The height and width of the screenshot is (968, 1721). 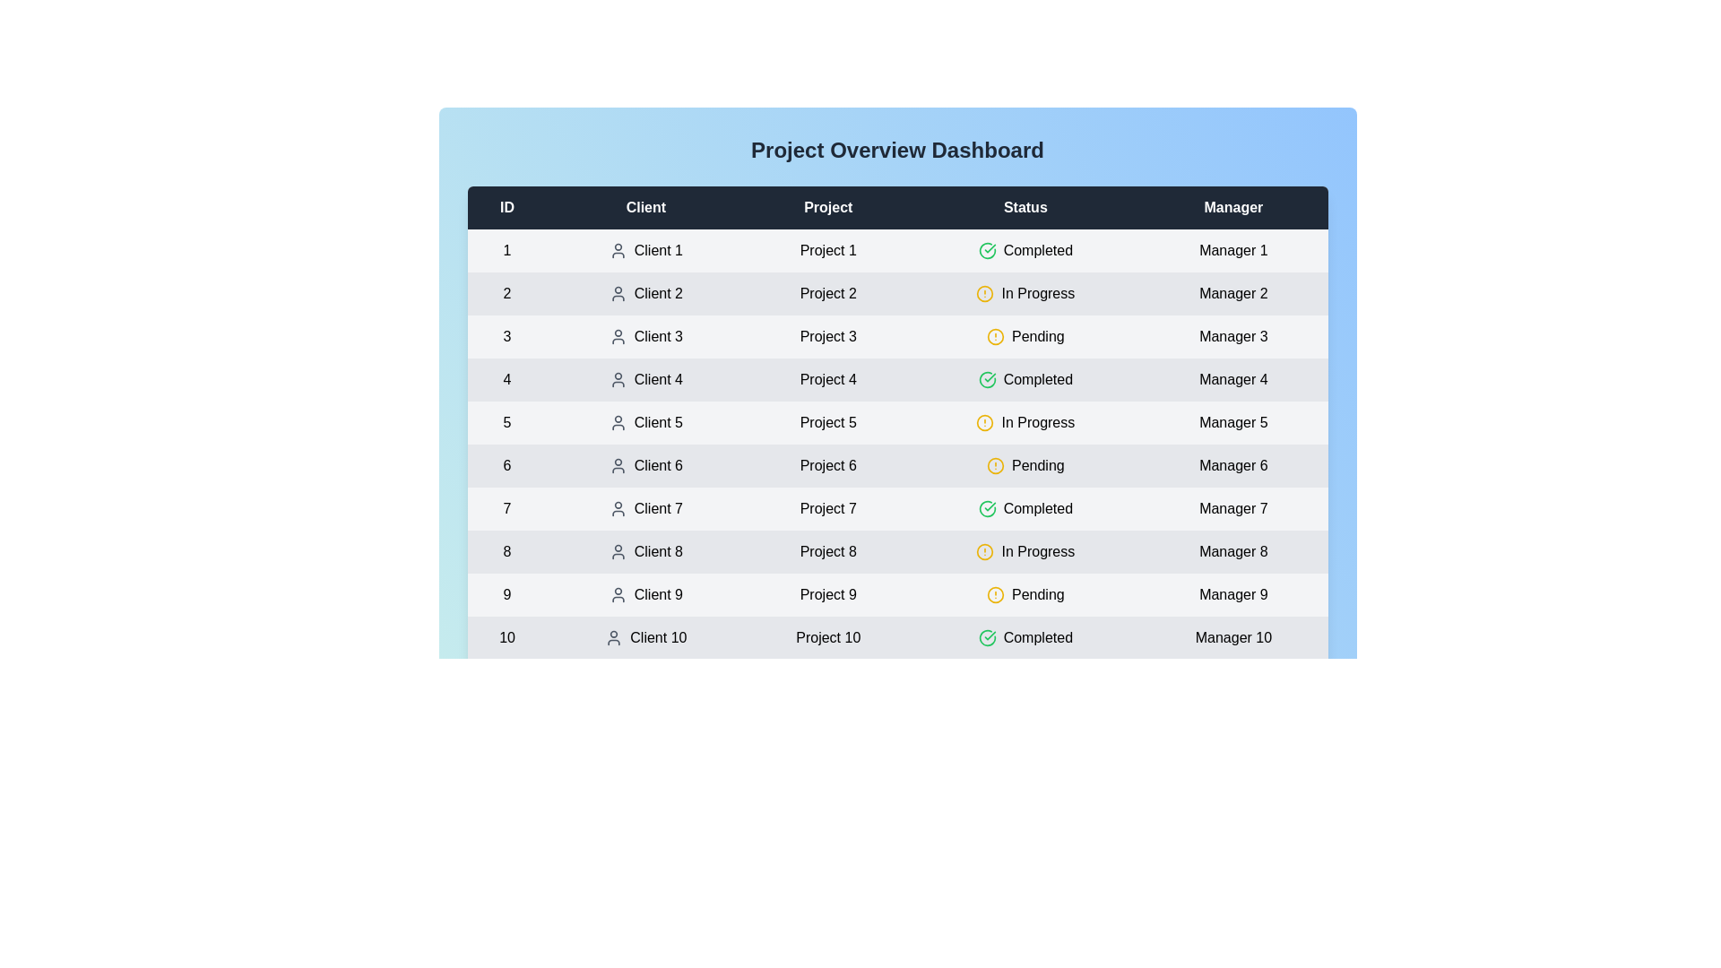 I want to click on the text in the specified cell to select it, so click(x=537, y=269).